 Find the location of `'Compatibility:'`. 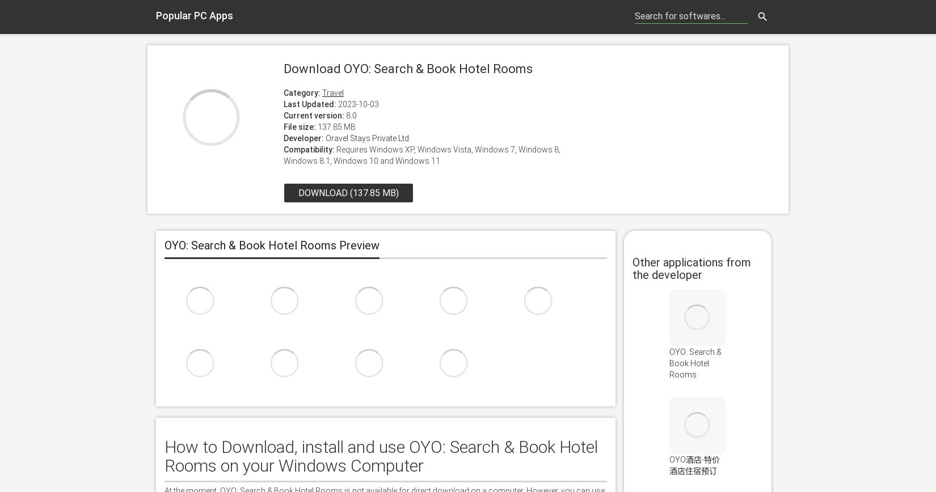

'Compatibility:' is located at coordinates (283, 149).